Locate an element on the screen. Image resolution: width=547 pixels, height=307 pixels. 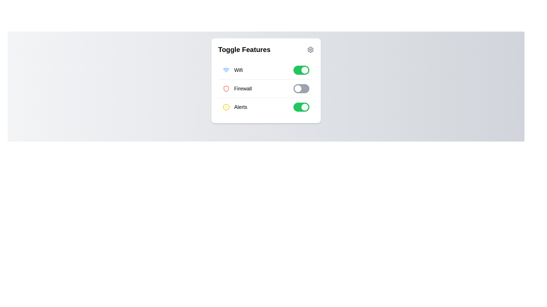
the Circular toggle indicator located on the far right side of the toggle switch for the 'Wifi' feature to determine its enabled or disabled state is located at coordinates (305, 70).